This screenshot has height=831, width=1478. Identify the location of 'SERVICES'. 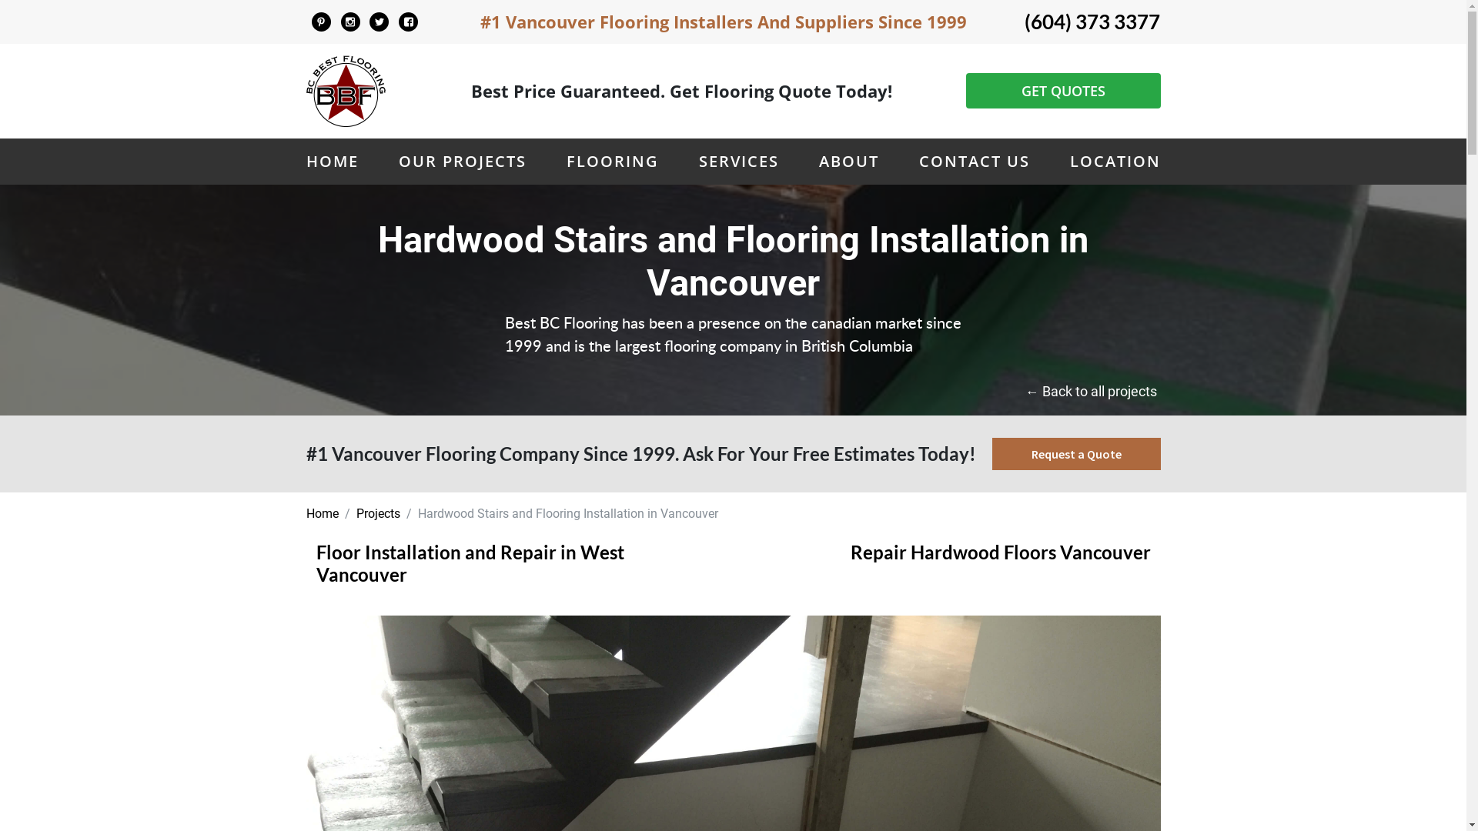
(697, 161).